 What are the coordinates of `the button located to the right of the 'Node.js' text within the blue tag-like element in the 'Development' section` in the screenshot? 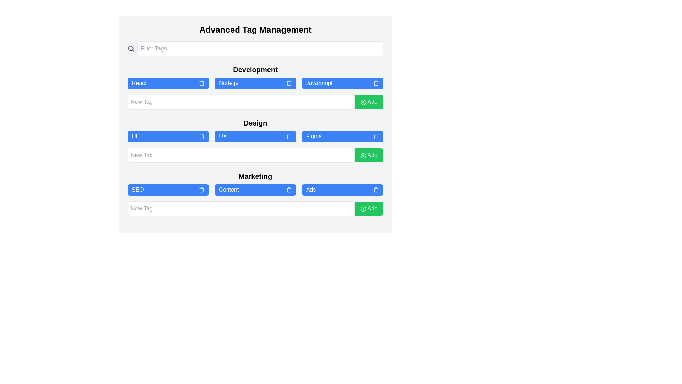 It's located at (289, 83).